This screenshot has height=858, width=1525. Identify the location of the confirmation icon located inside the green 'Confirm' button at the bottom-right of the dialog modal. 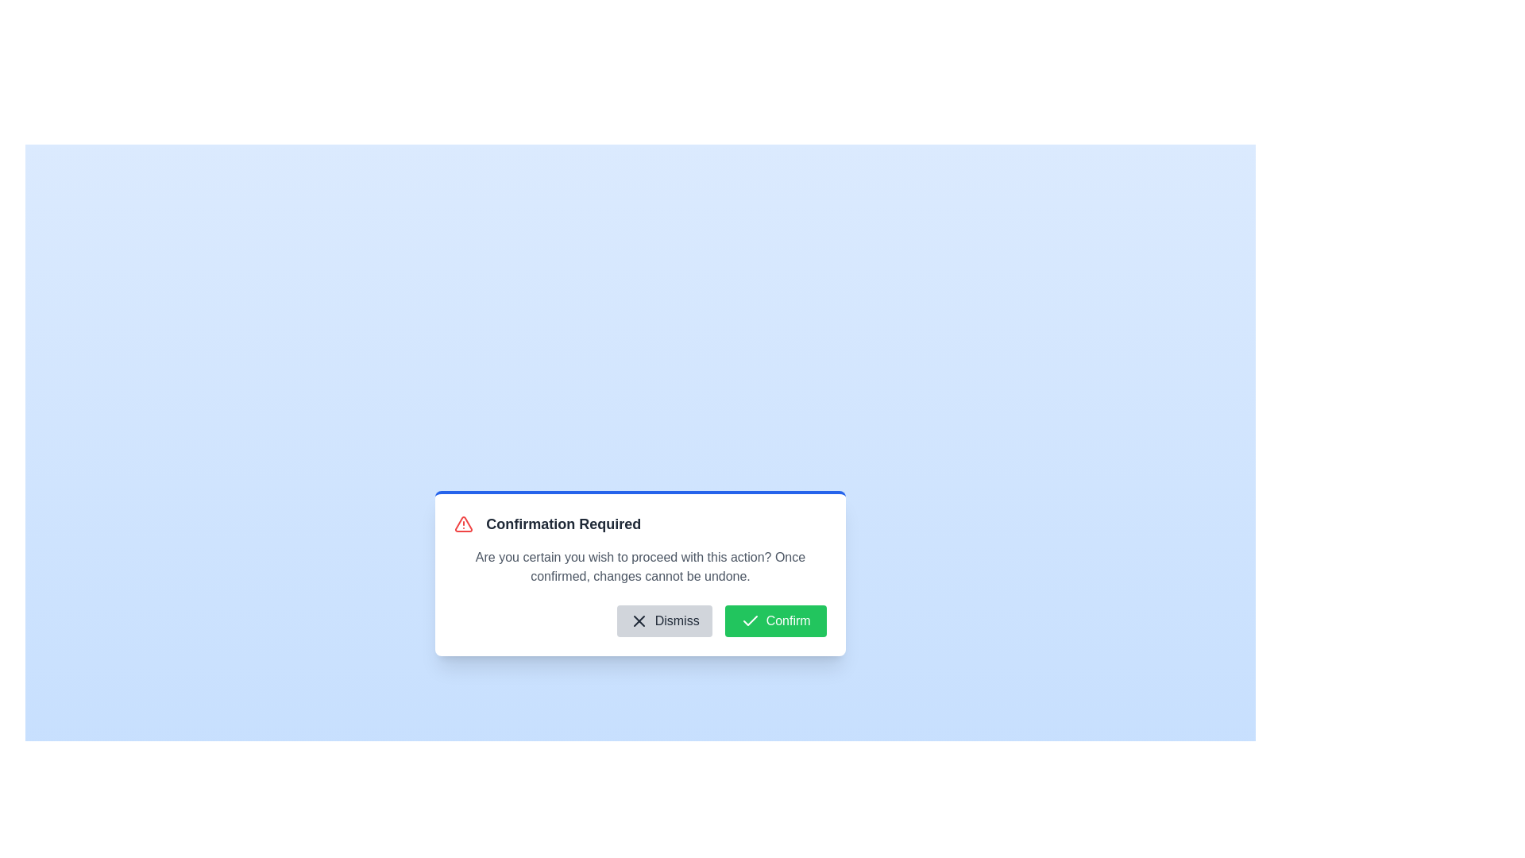
(749, 620).